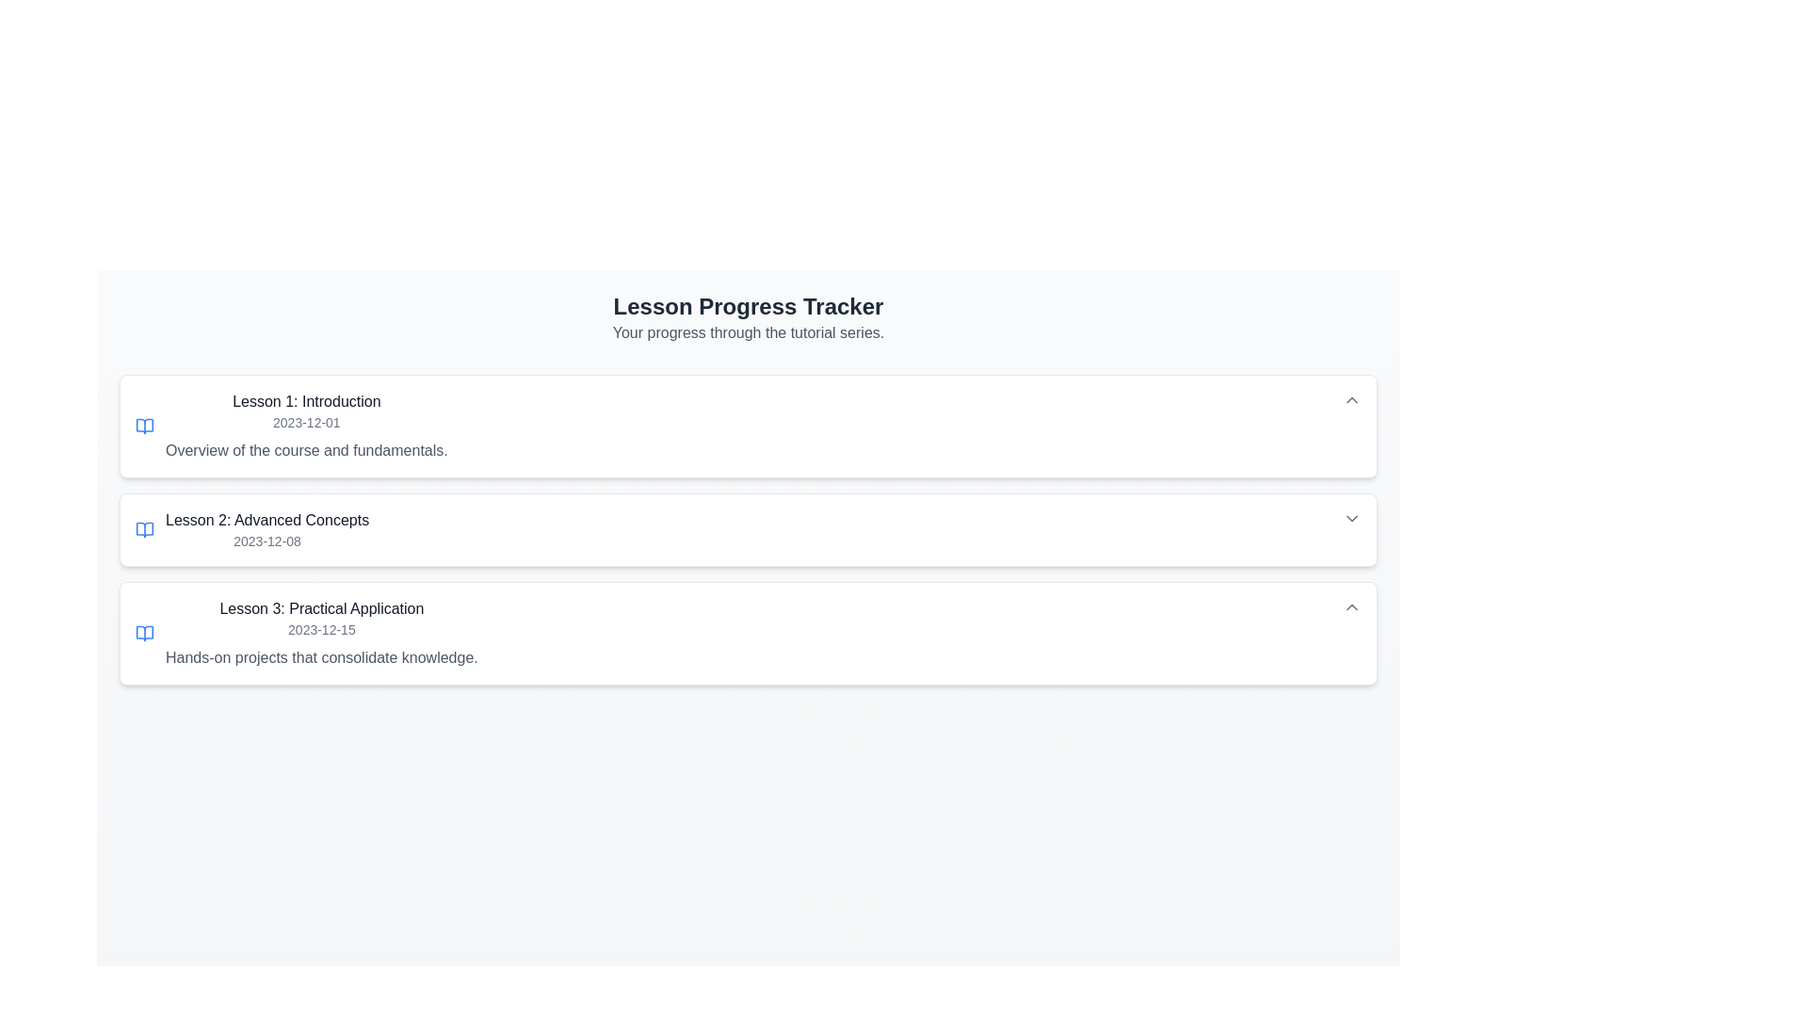  Describe the element at coordinates (306, 450) in the screenshot. I see `the Text Label that provides a brief description or summary of the lesson's content, located under the 'Lesson 1: Introduction' heading in the 'Lesson Progress Tracker'` at that location.